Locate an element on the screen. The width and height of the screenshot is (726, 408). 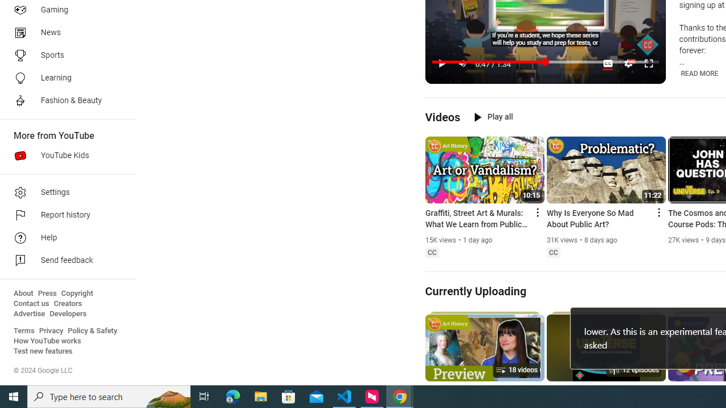
'About' is located at coordinates (23, 293).